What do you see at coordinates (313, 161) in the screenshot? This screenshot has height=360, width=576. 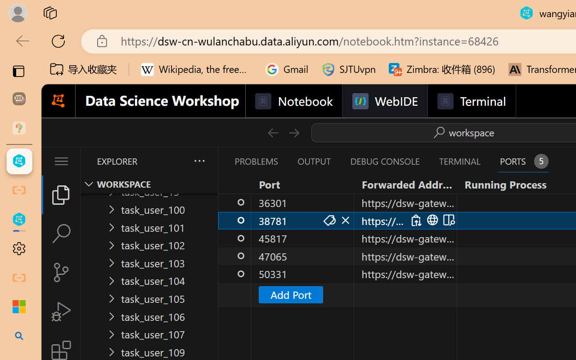 I see `'Output (Ctrl+Shift+U)'` at bounding box center [313, 161].